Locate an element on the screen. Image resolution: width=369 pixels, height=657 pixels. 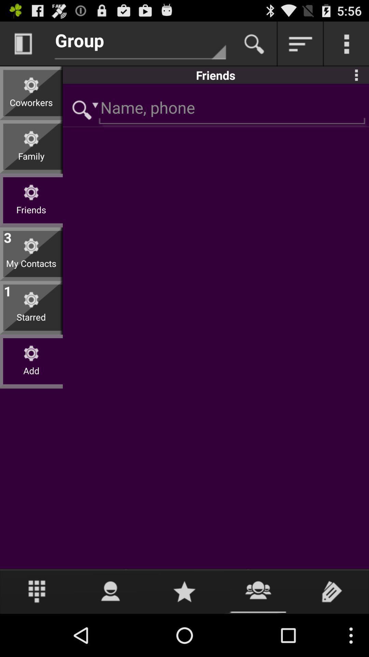
the avatar icon is located at coordinates (110, 632).